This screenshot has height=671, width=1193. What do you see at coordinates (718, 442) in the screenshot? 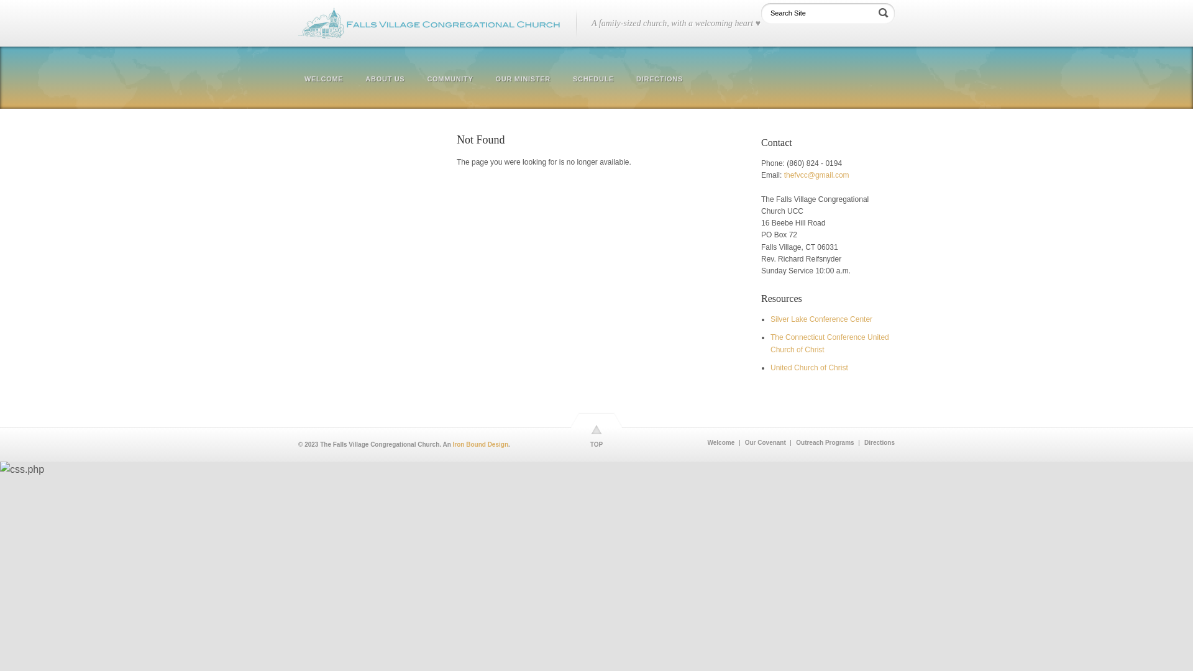
I see `'Welcome'` at bounding box center [718, 442].